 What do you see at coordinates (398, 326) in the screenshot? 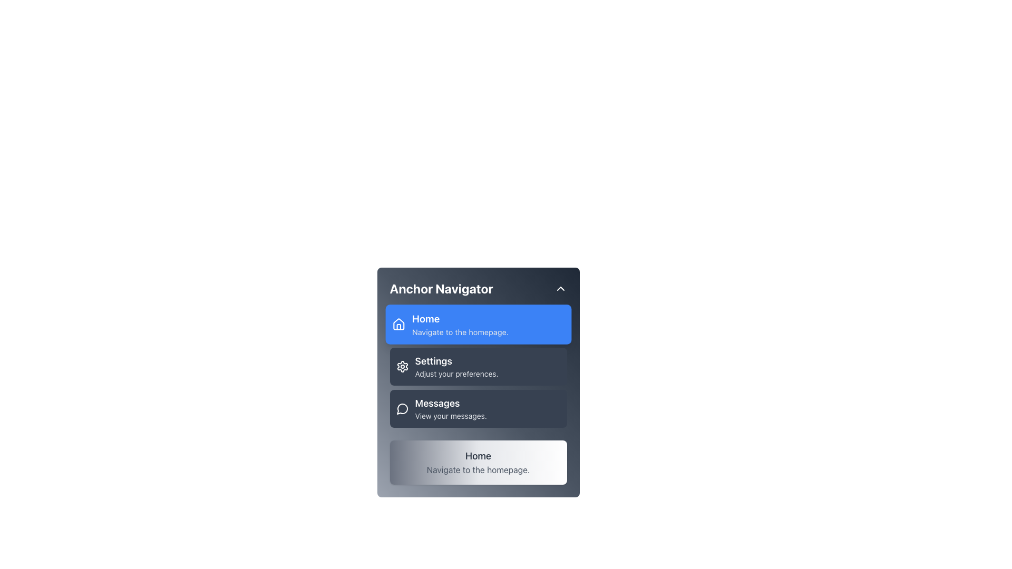
I see `the vertical rectangular bar segment of the house-shaped graphical icon, which represents the vertical structural line` at bounding box center [398, 326].